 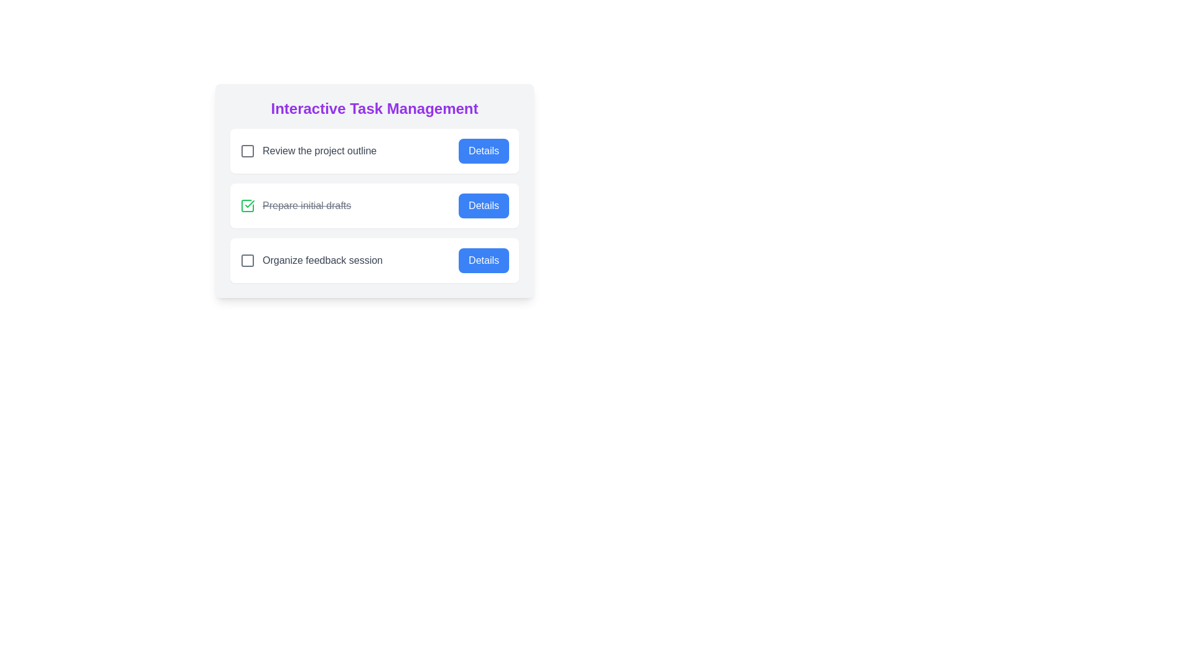 I want to click on the 'Details' button for the task 'Prepare initial drafts', so click(x=483, y=205).